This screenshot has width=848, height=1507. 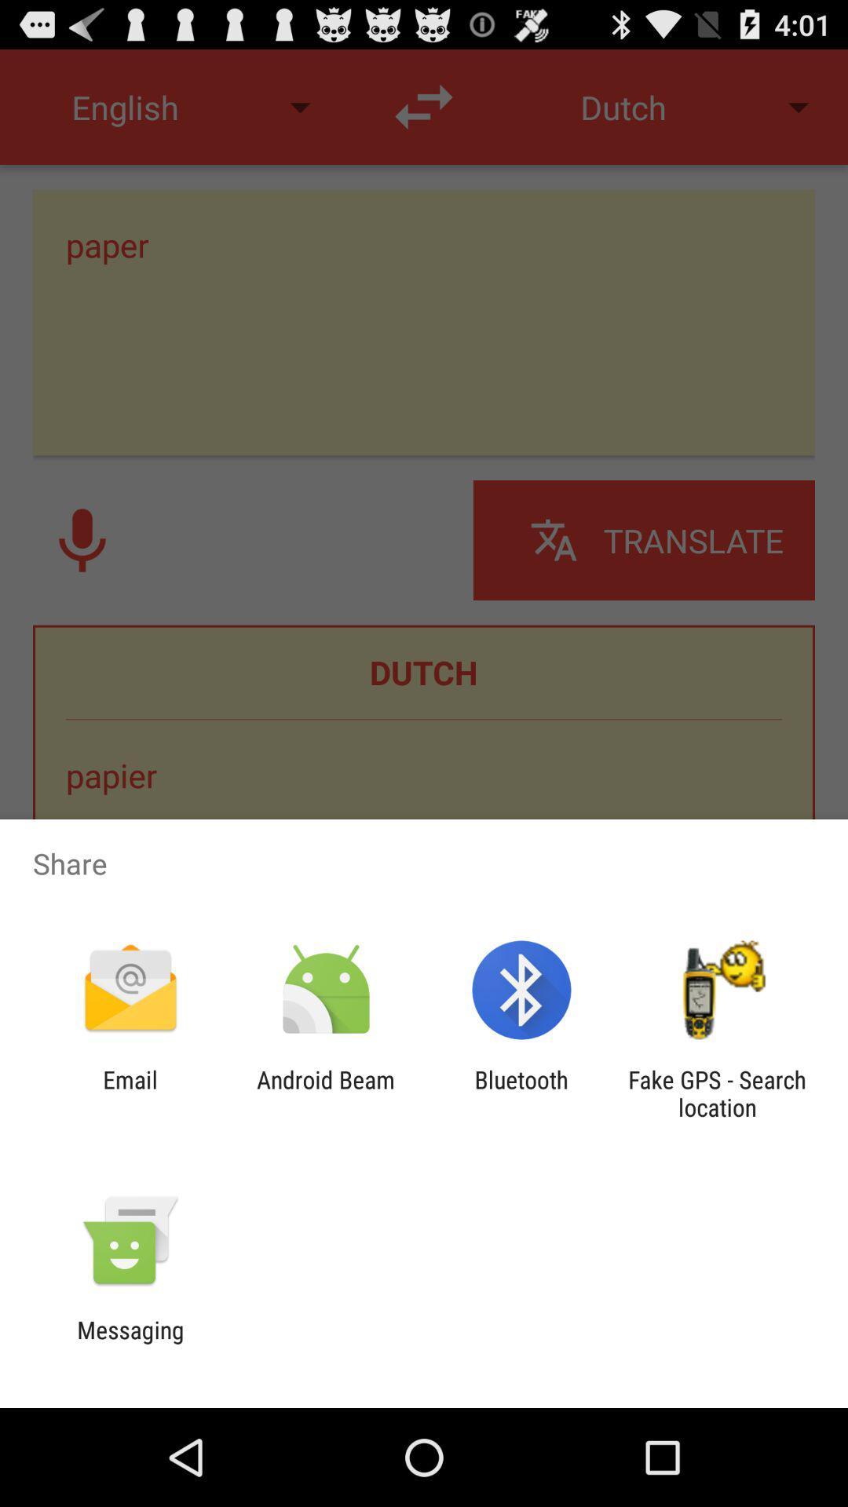 What do you see at coordinates (521, 1093) in the screenshot?
I see `the app to the left of fake gps search item` at bounding box center [521, 1093].